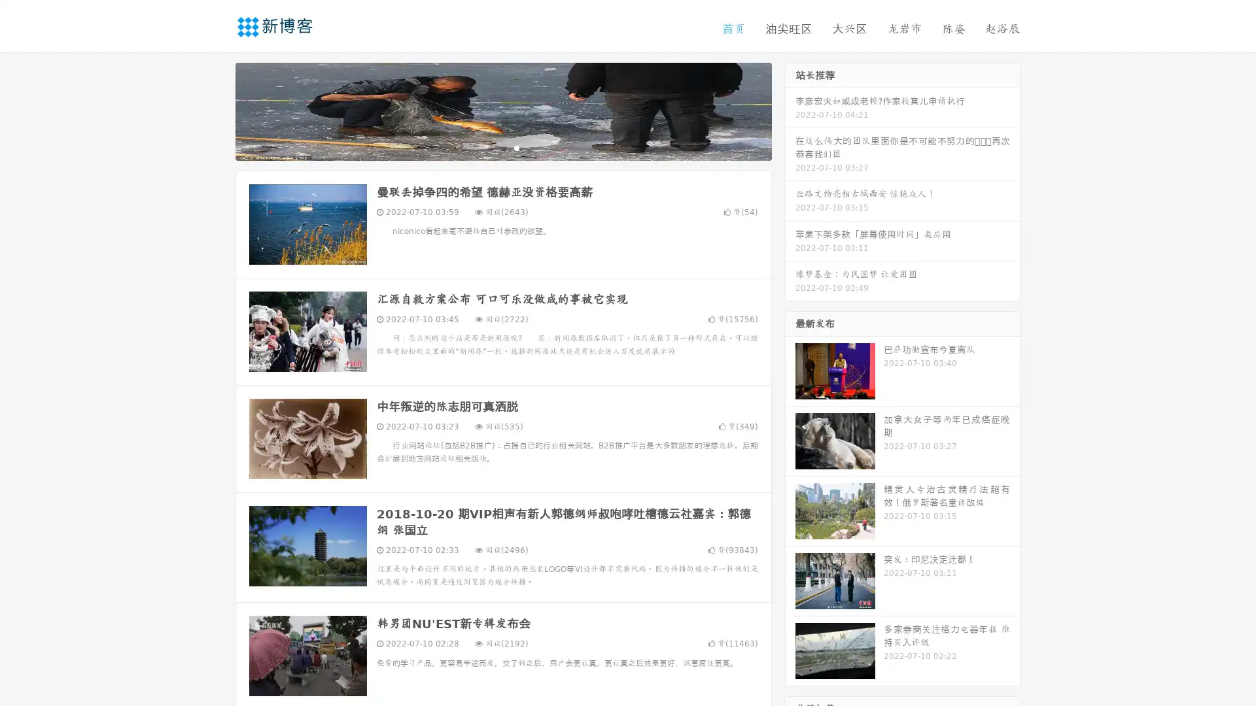 The width and height of the screenshot is (1256, 706). Describe the element at coordinates (502, 147) in the screenshot. I see `Go to slide 2` at that location.